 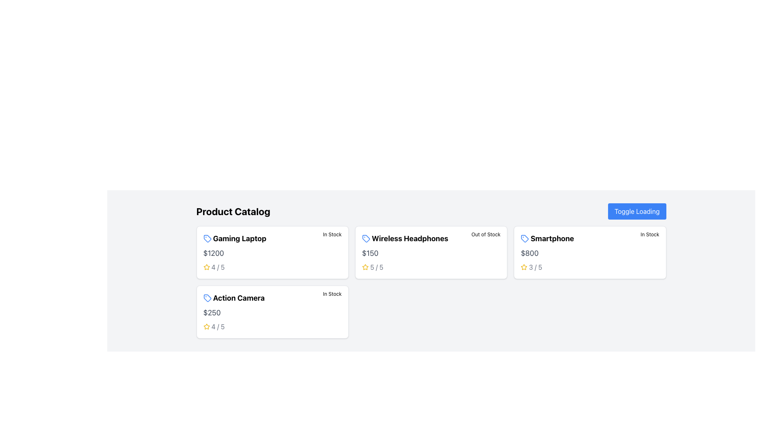 I want to click on static price text displayed for the product 'Wireless Headphones', which is centrally located within the card beneath the title and above the rating component, so click(x=369, y=253).